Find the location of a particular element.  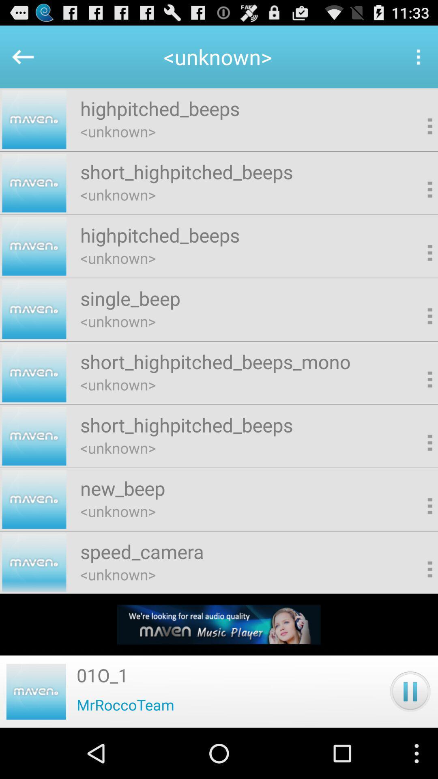

the more icon is located at coordinates (417, 542).